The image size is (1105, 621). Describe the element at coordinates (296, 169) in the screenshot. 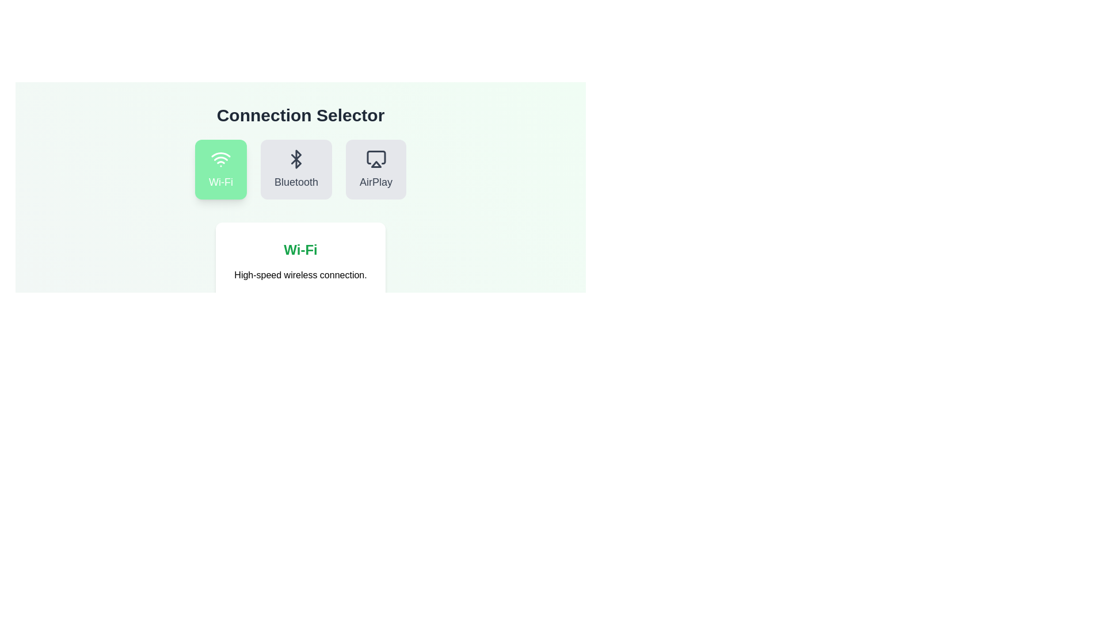

I see `the connection option Bluetooth` at that location.